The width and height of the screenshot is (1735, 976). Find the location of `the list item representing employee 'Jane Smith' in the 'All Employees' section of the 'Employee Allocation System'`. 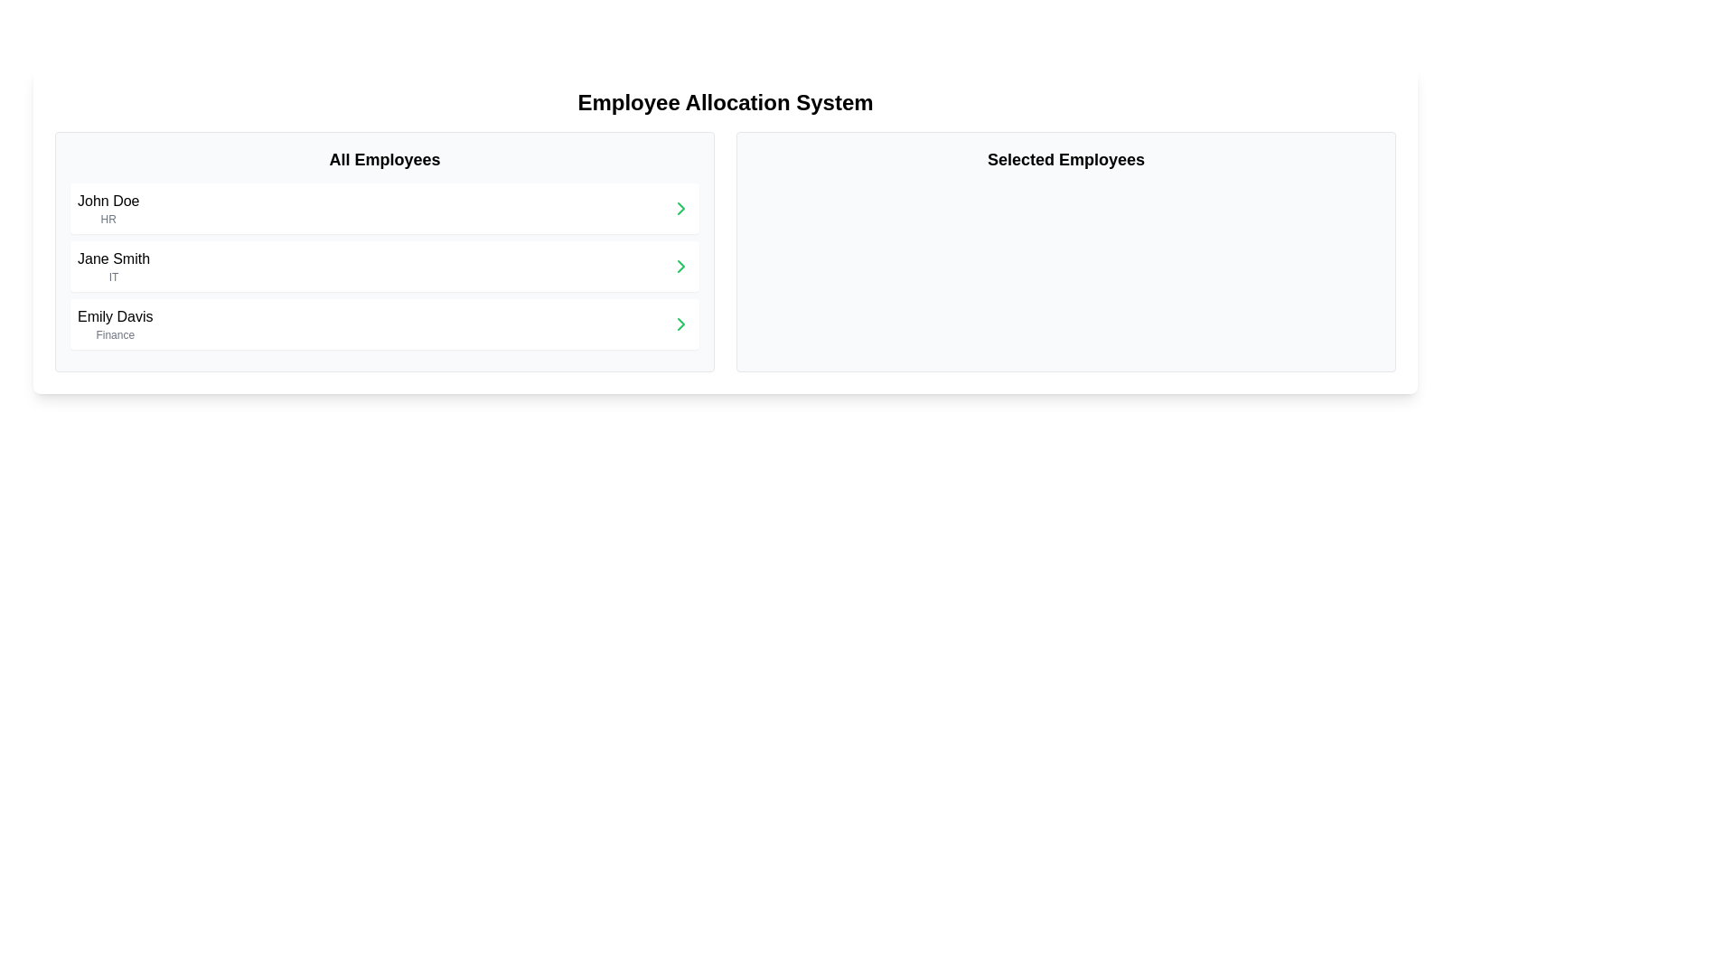

the list item representing employee 'Jane Smith' in the 'All Employees' section of the 'Employee Allocation System' is located at coordinates (384, 266).